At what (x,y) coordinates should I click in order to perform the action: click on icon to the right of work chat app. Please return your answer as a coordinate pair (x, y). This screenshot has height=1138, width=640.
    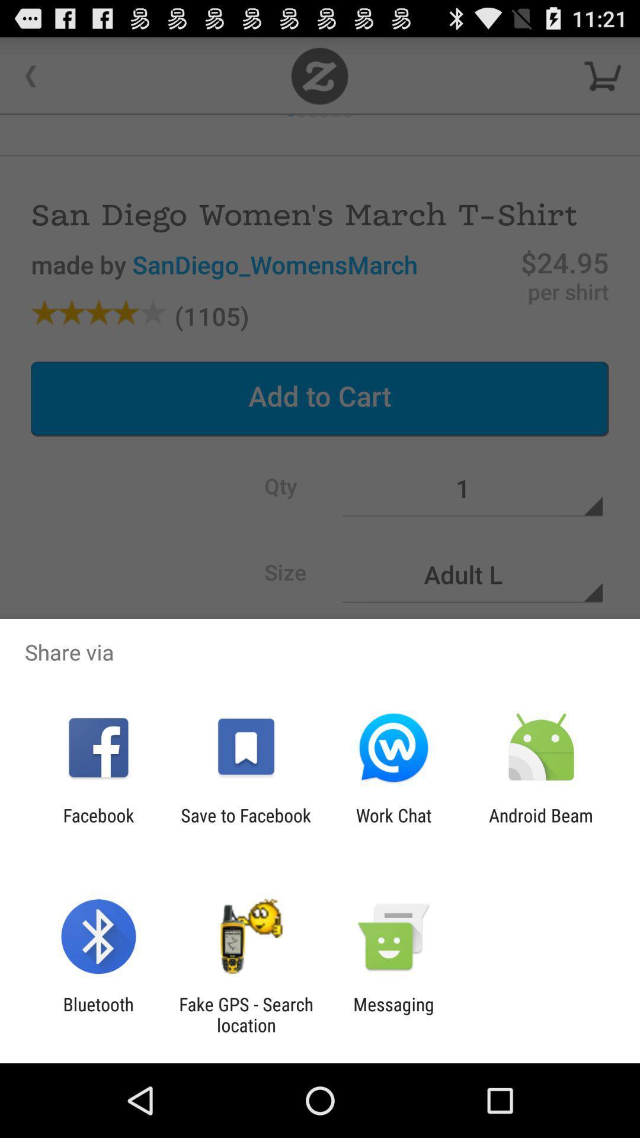
    Looking at the image, I should click on (541, 825).